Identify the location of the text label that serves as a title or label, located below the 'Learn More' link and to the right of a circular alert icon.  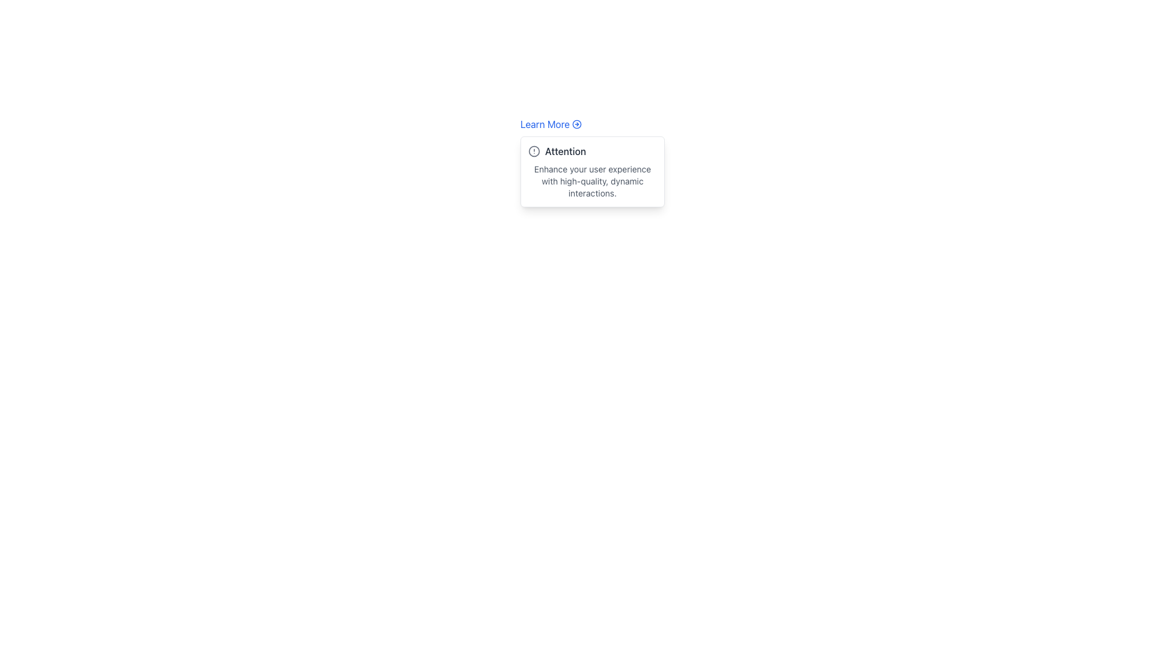
(564, 150).